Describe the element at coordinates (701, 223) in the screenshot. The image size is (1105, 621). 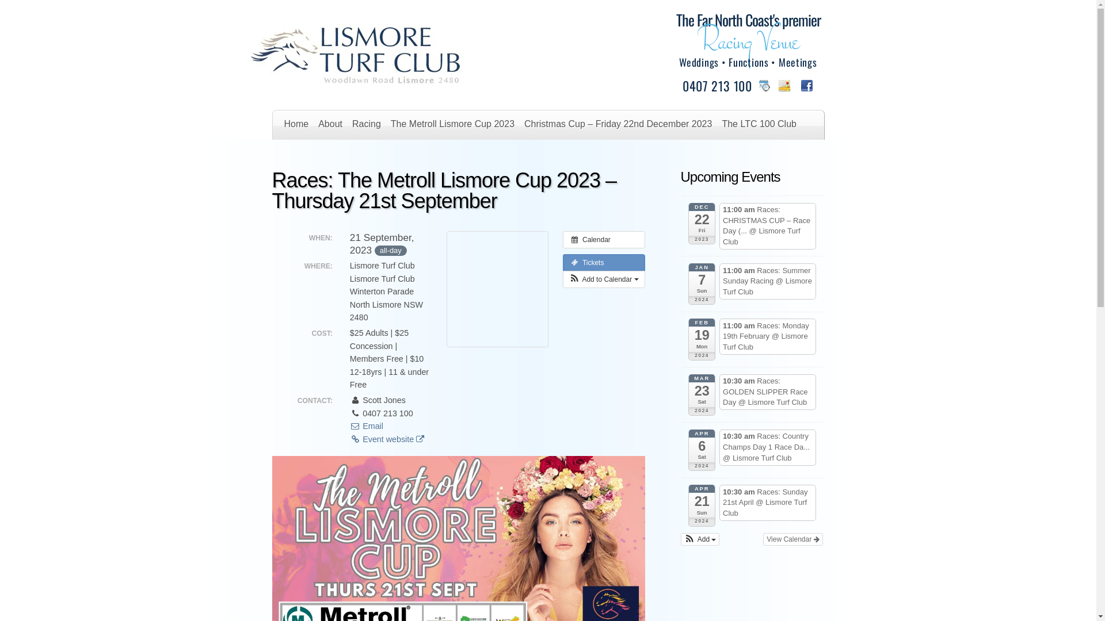
I see `'DEC` at that location.